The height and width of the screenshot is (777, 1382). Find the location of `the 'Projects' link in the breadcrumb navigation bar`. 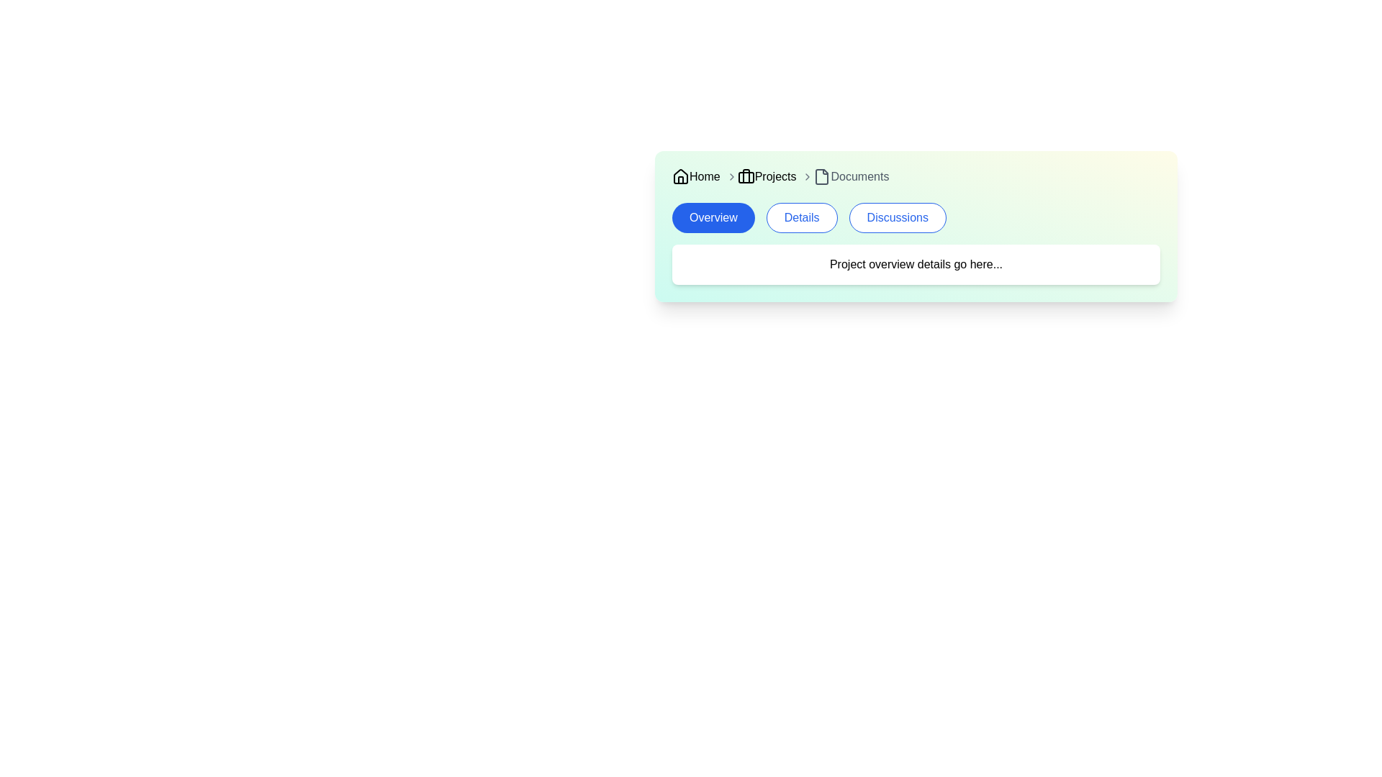

the 'Projects' link in the breadcrumb navigation bar is located at coordinates (760, 176).